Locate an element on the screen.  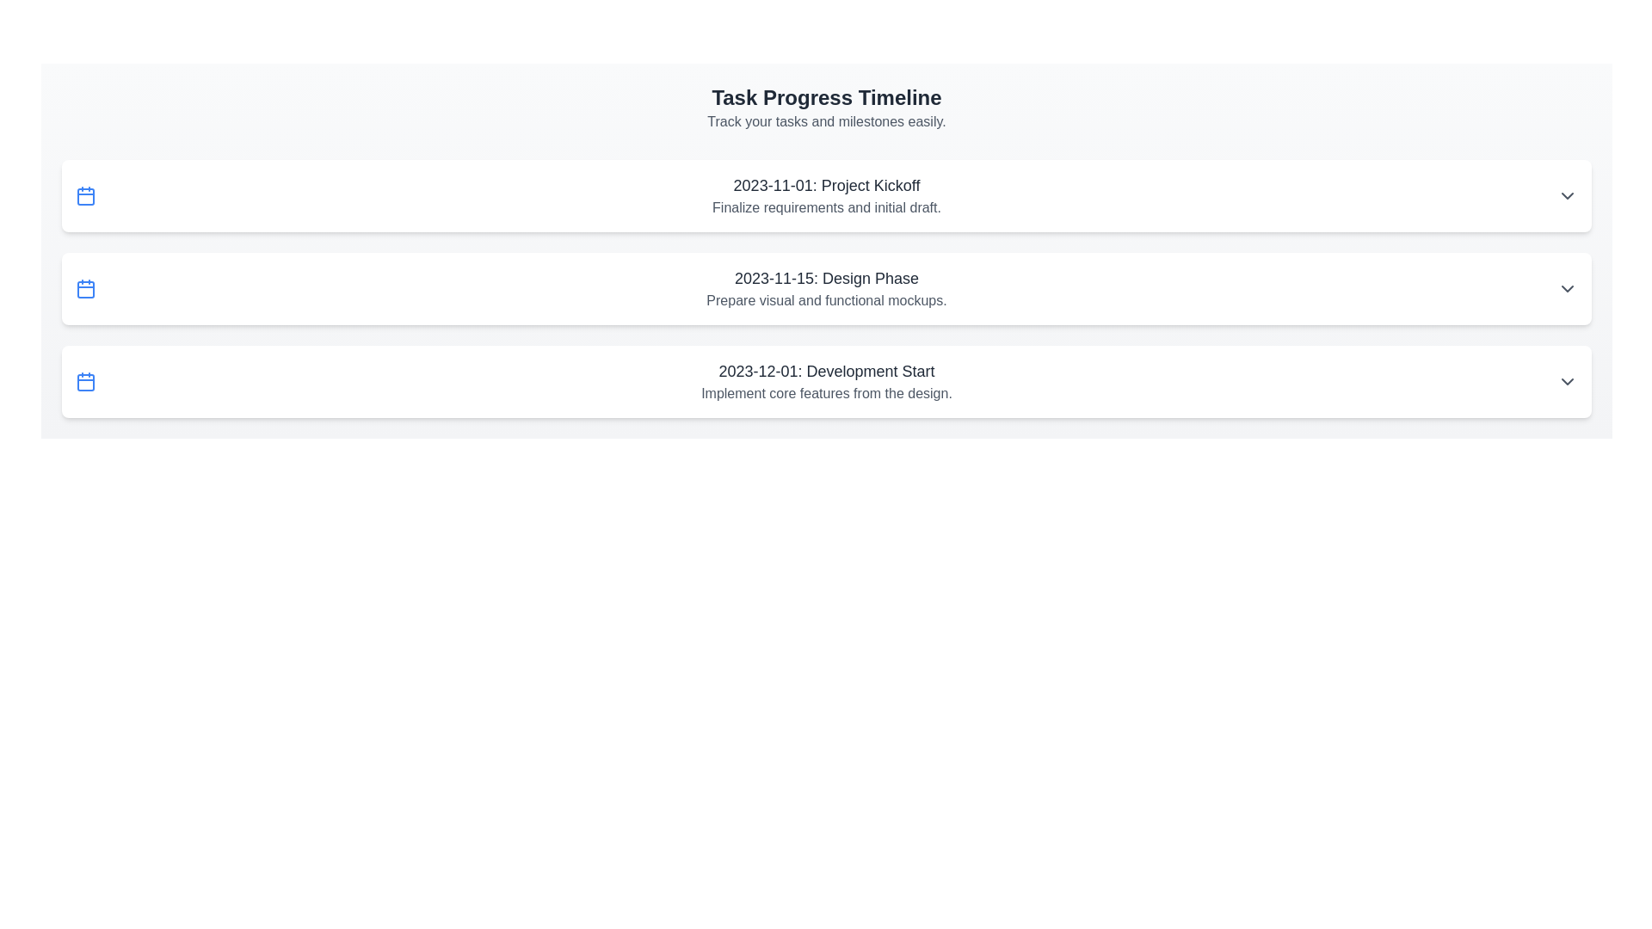
the text block displaying the date '2023-11-15' and 'Design Phase' for more details, which is located within the task timeline interface is located at coordinates (826, 287).